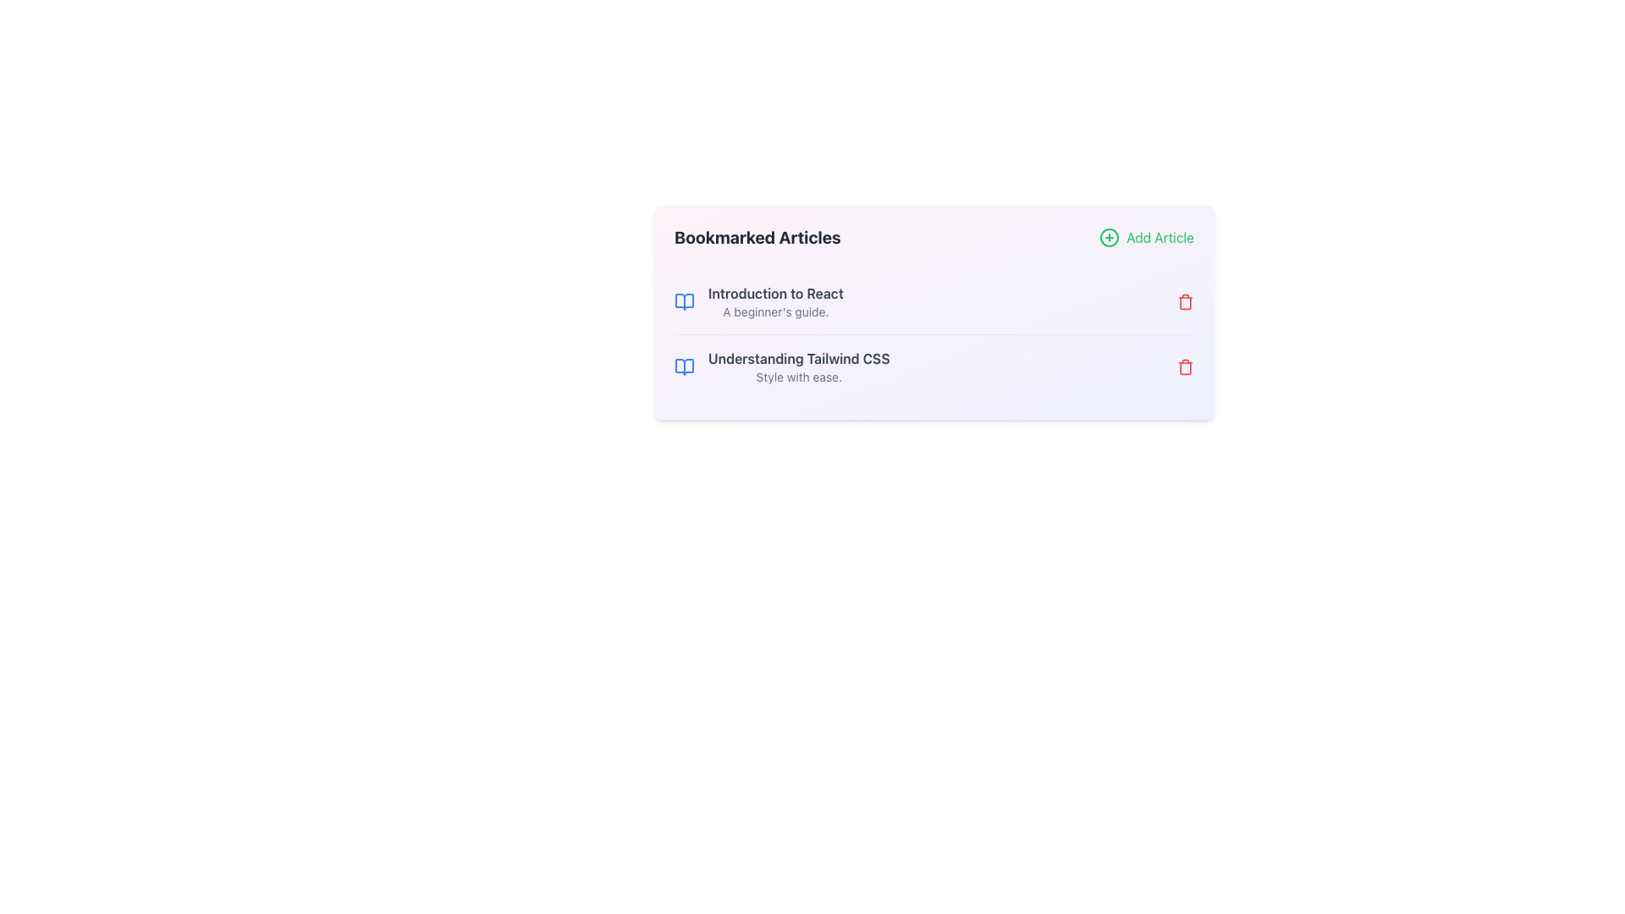  What do you see at coordinates (798, 358) in the screenshot?
I see `the title of the second article in the 'Bookmarked Articles' section, which is represented by a clickable text label positioned above the article's subtitle and to the right of a small book icon` at bounding box center [798, 358].